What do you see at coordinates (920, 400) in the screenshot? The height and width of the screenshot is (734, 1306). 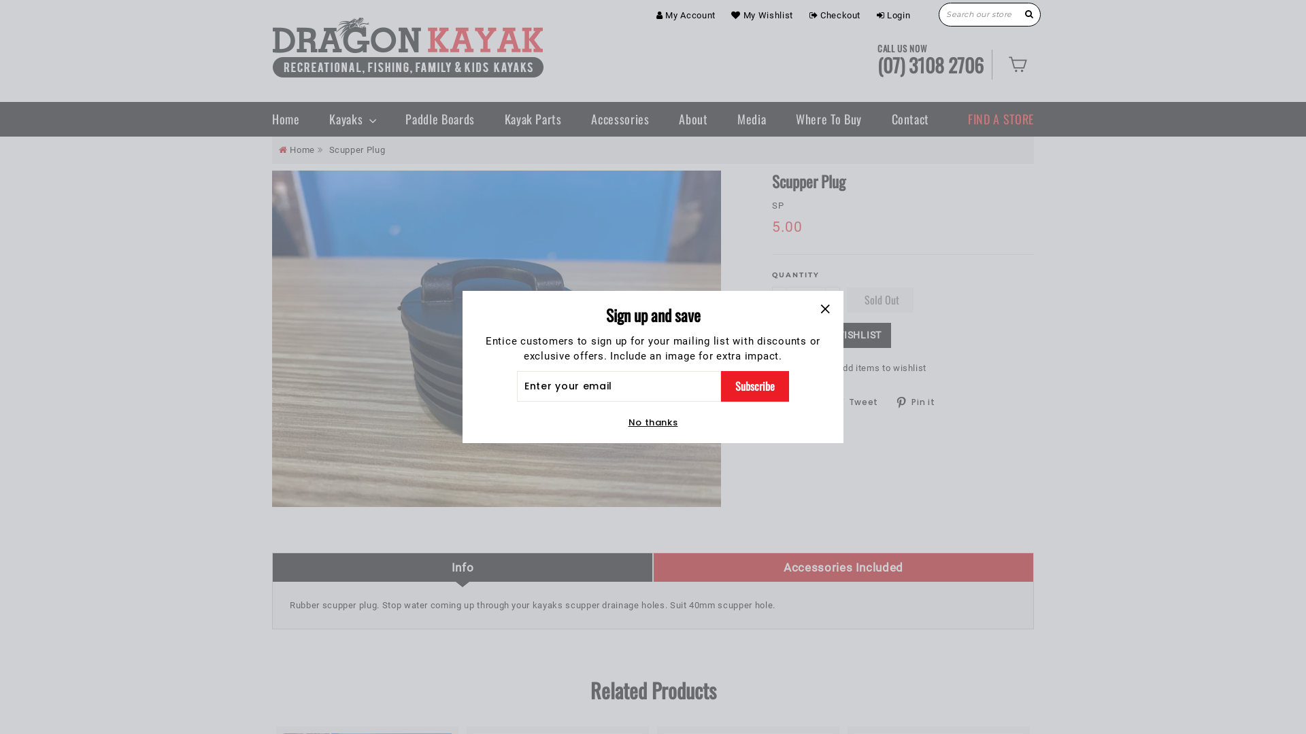 I see `'Pin it` at bounding box center [920, 400].